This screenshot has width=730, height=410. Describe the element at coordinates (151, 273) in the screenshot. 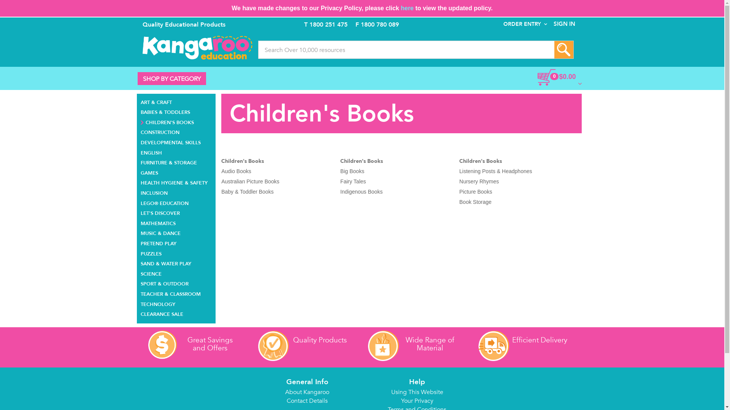

I see `'SCIENCE'` at that location.